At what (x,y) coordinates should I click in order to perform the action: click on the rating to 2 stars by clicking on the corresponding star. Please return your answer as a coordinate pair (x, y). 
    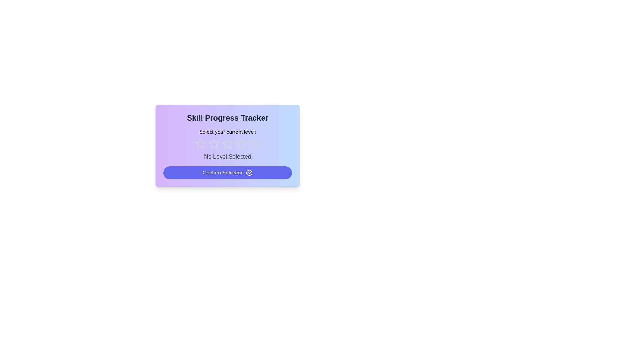
    Looking at the image, I should click on (214, 144).